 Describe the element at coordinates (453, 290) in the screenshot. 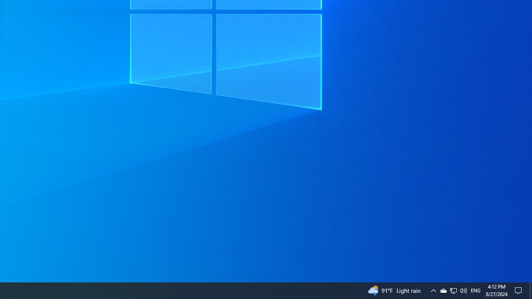

I see `'User Promoted Notification Area'` at that location.